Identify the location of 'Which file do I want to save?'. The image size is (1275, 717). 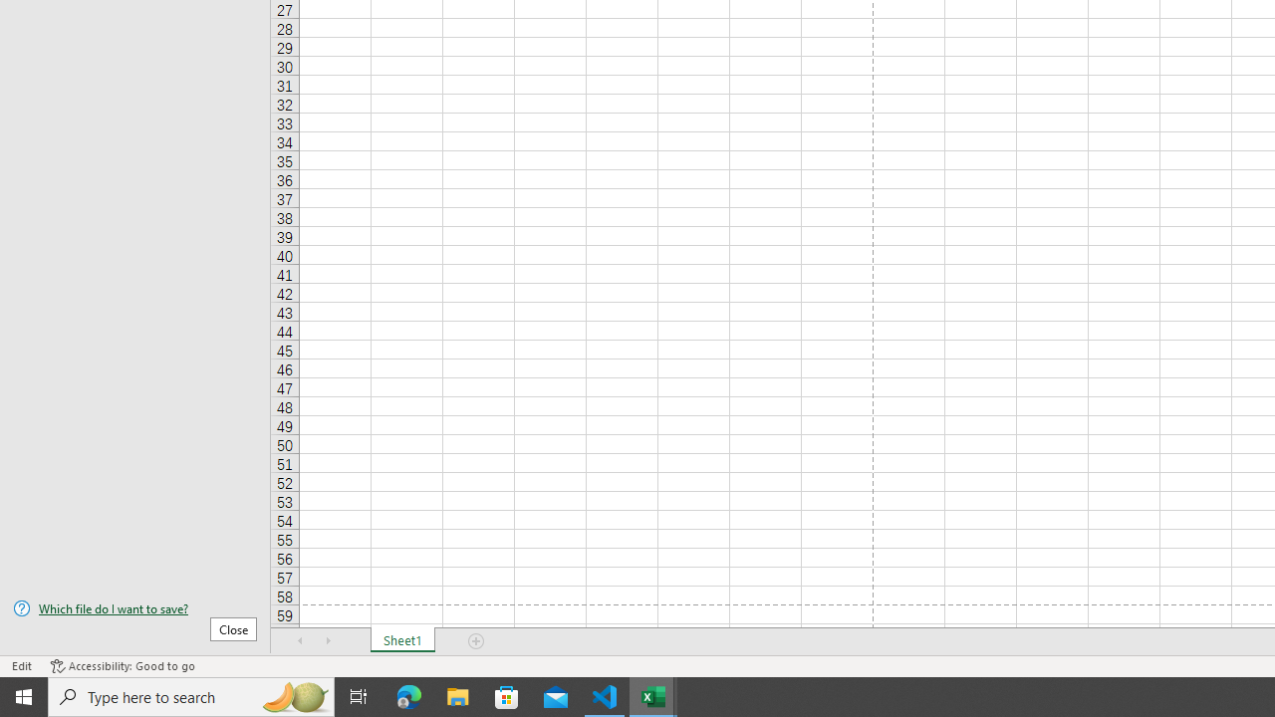
(134, 607).